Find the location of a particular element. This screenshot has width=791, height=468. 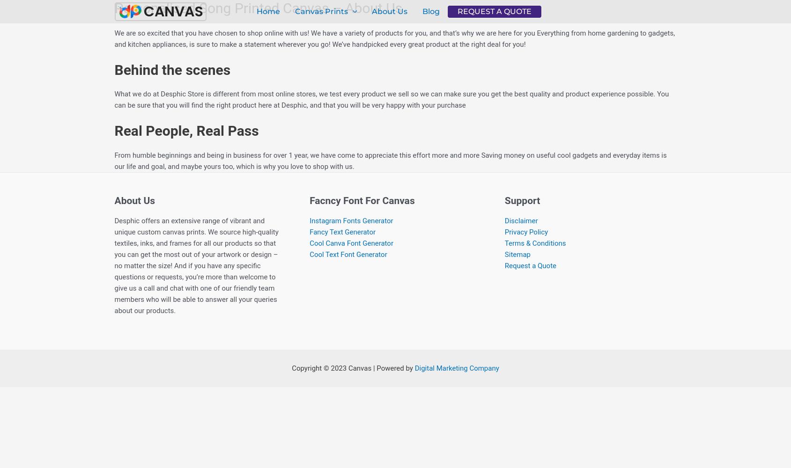

'Home' is located at coordinates (267, 11).